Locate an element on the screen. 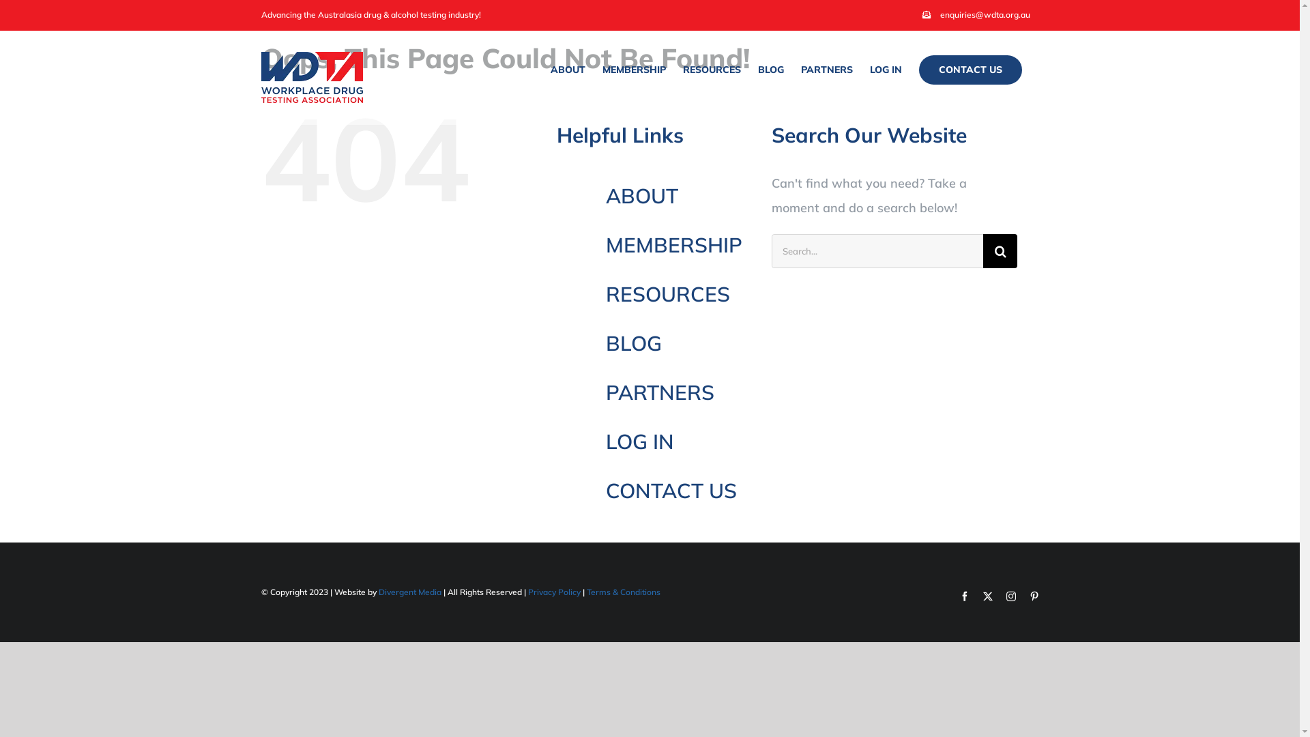 The image size is (1310, 737). 'MEMBERSHIP' is located at coordinates (601, 69).